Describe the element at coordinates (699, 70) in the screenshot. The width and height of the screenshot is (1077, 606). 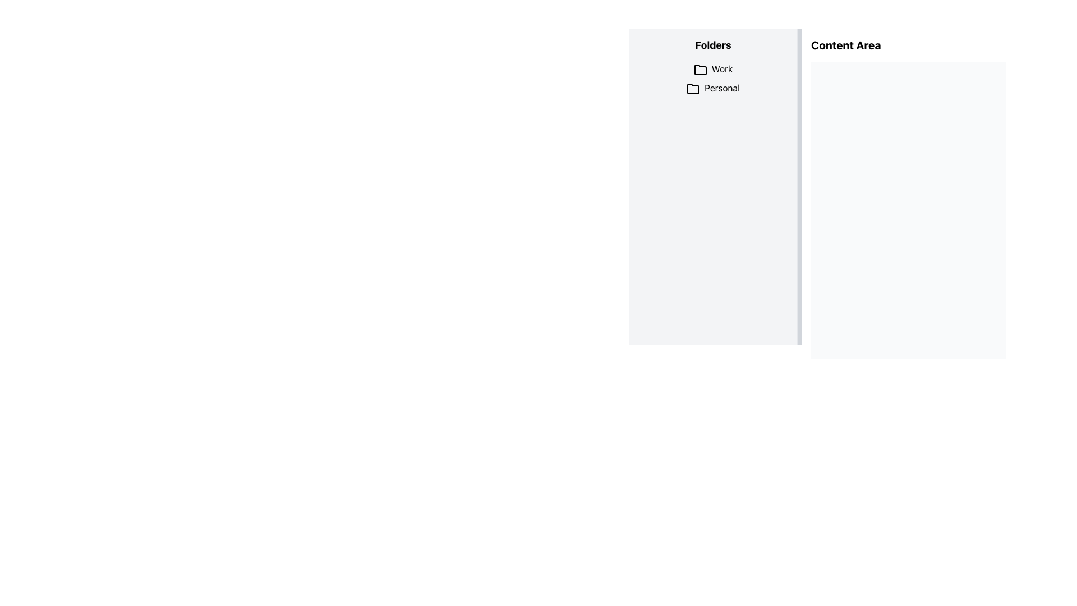
I see `the folder icon located next to the label 'Work'` at that location.